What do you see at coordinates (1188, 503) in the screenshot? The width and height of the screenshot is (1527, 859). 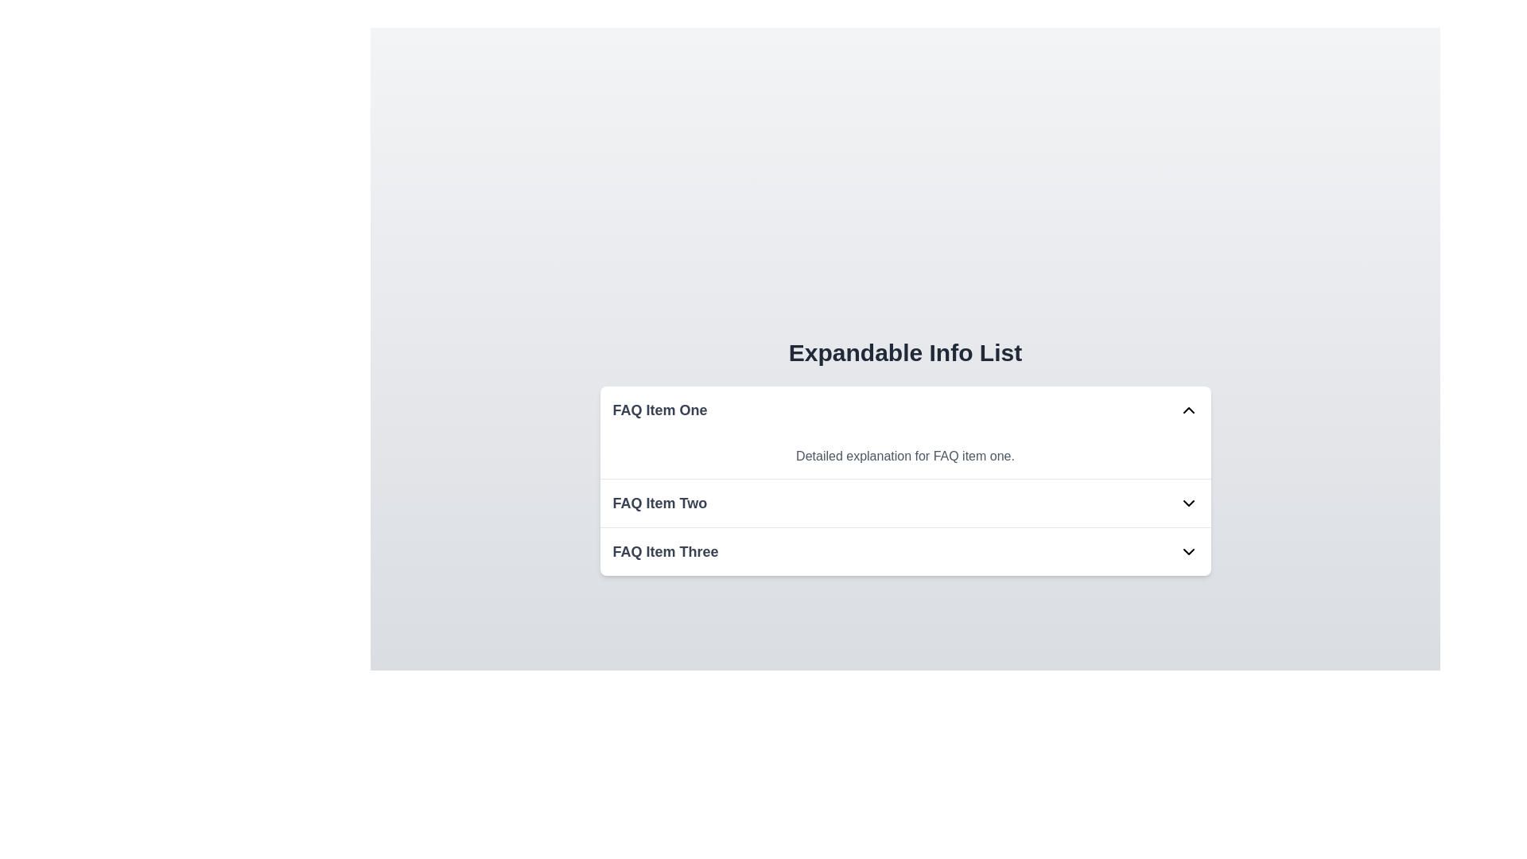 I see `the Dropdown toggle icon located to the far right of the 'FAQ Item Two' section` at bounding box center [1188, 503].